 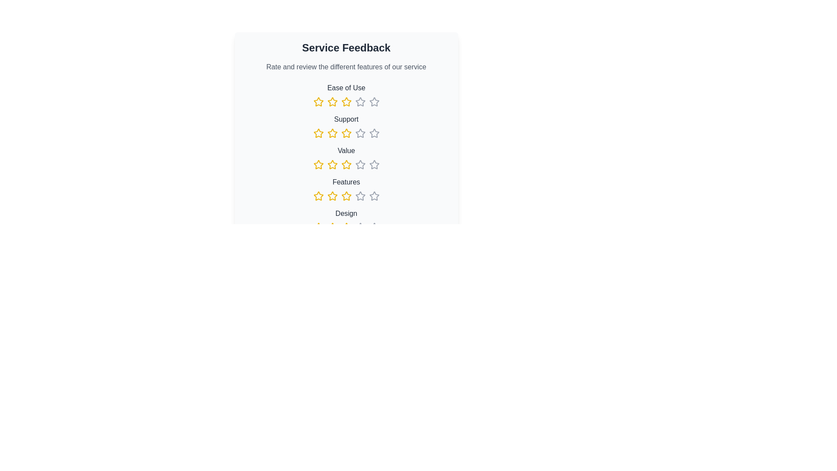 What do you see at coordinates (346, 133) in the screenshot?
I see `the second star icon in the 5-star rating system for the 'Support' category to express a rating` at bounding box center [346, 133].